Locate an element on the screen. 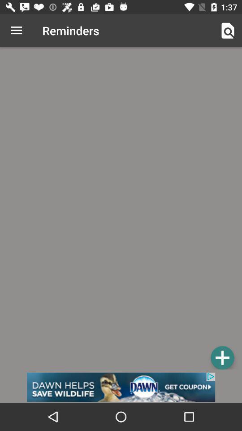 This screenshot has height=431, width=242. banner is located at coordinates (121, 387).